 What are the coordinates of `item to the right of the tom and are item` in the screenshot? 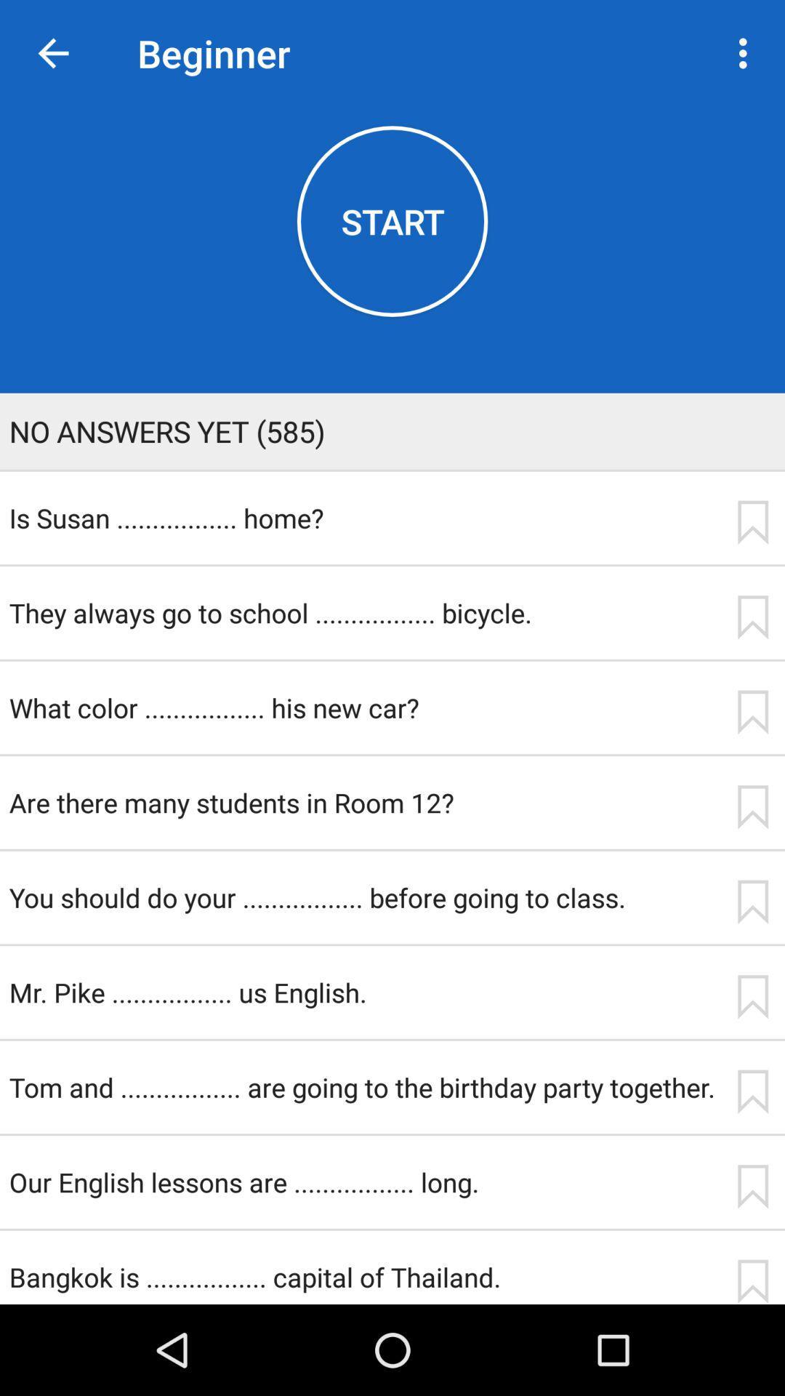 It's located at (752, 1091).